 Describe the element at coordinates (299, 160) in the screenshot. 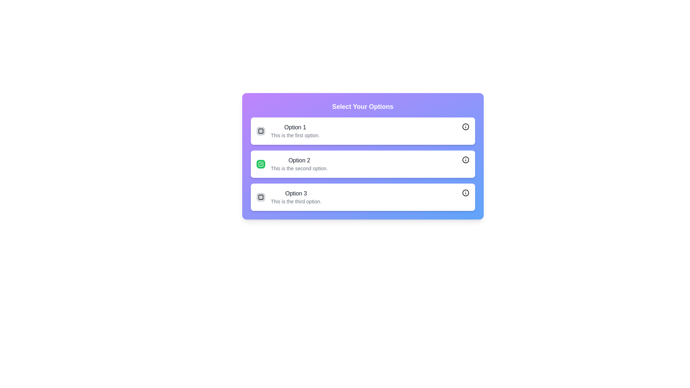

I see `the text label that identifies the second selectable option in the group of options` at that location.